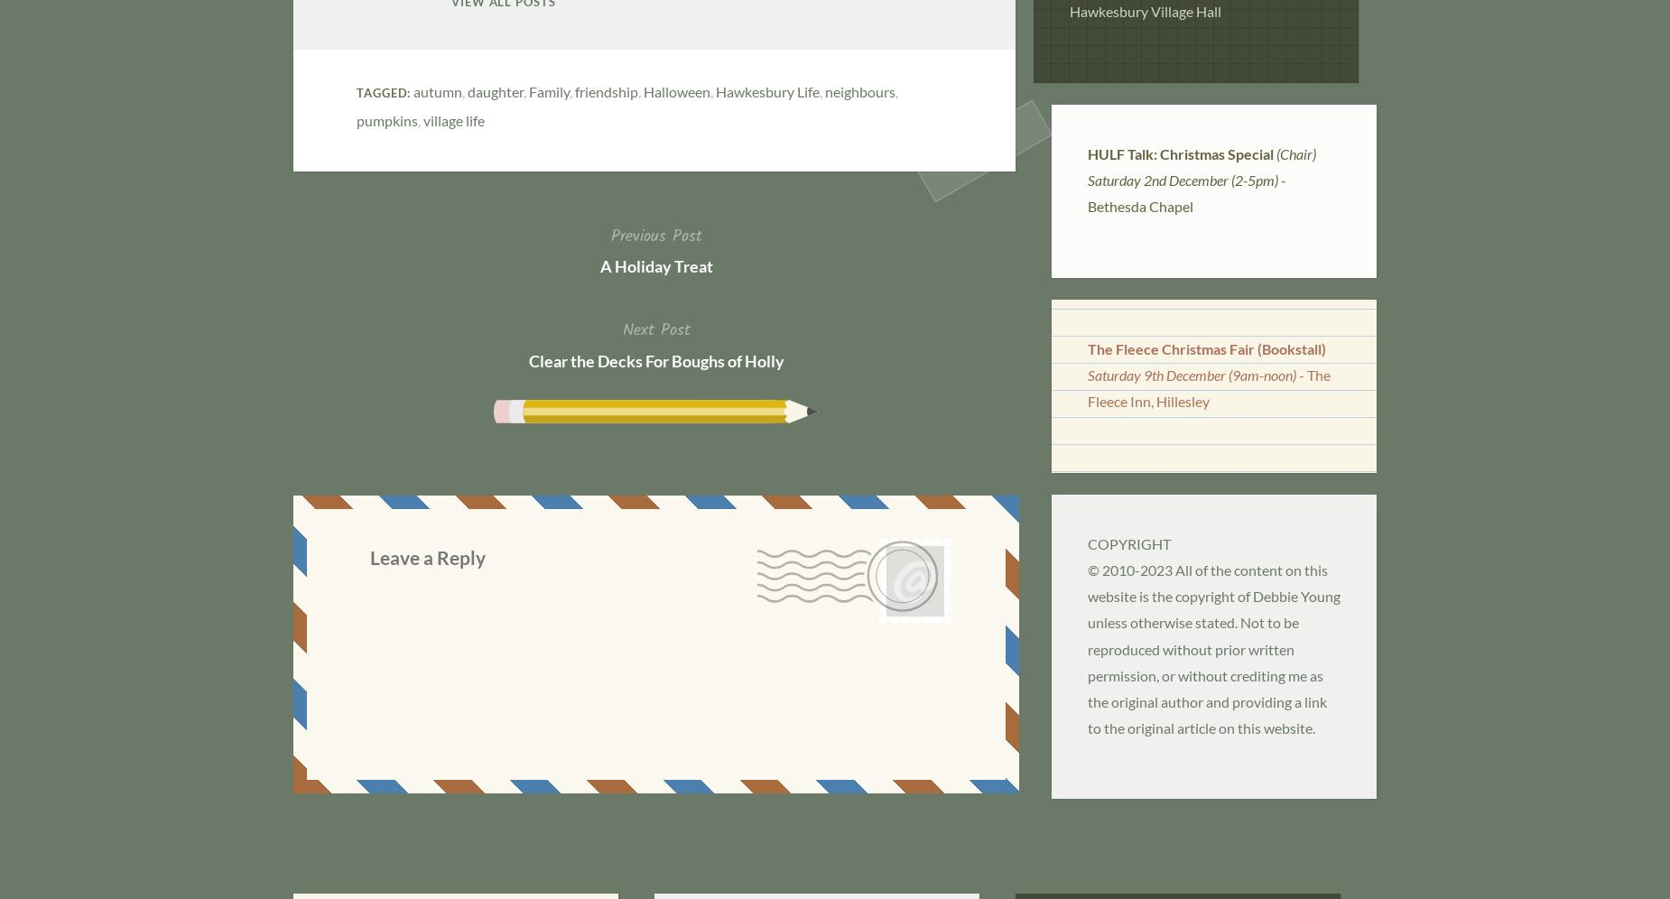 Image resolution: width=1670 pixels, height=899 pixels. I want to click on 'HULF Talk: Christmas Special', so click(1179, 153).